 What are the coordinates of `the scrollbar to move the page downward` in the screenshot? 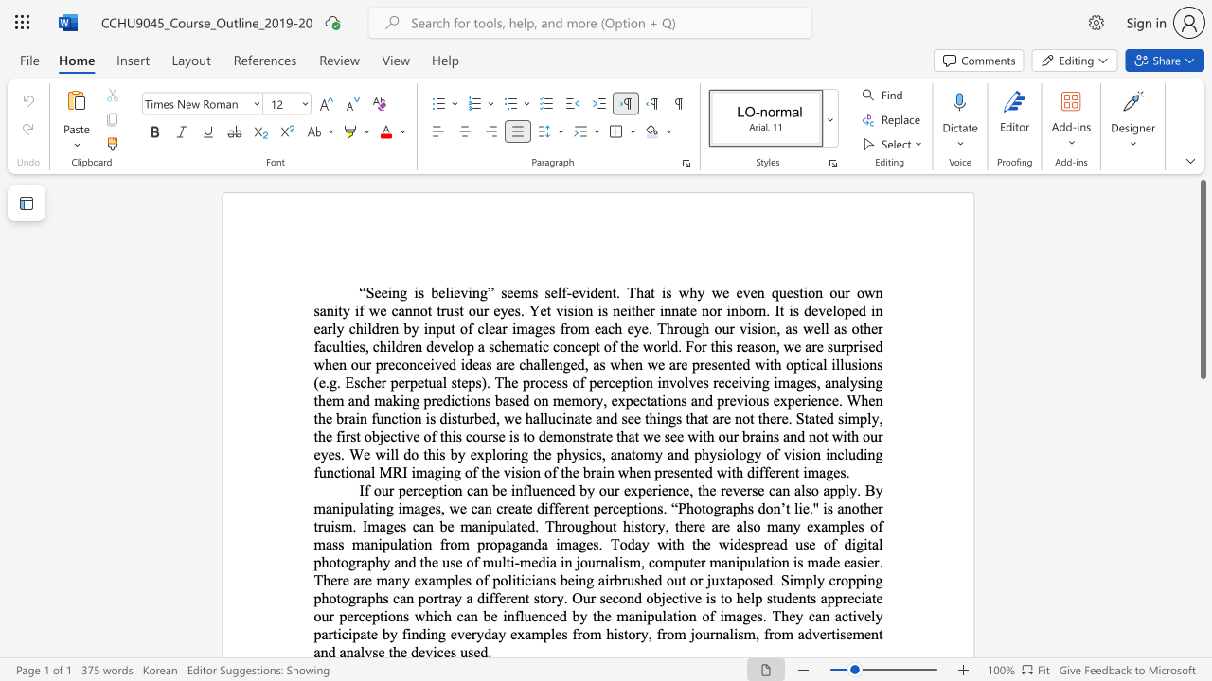 It's located at (1202, 511).